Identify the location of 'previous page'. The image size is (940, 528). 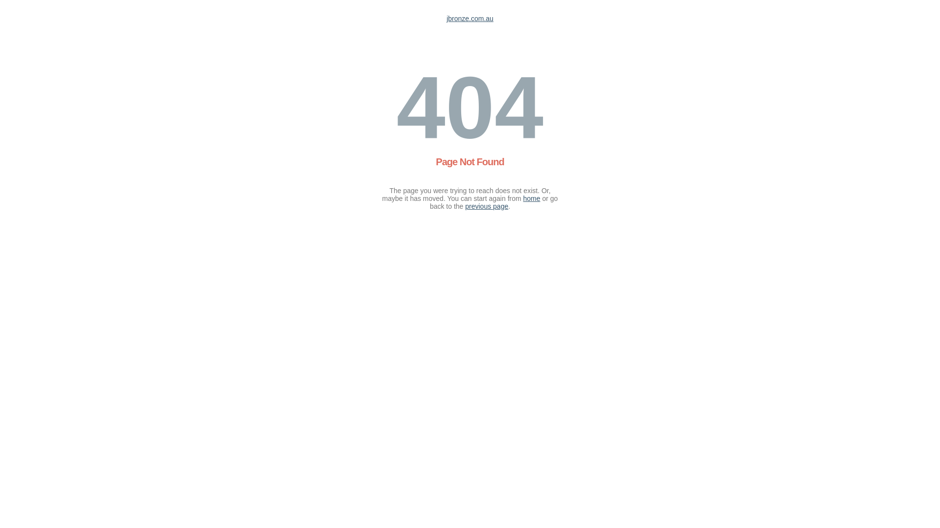
(486, 205).